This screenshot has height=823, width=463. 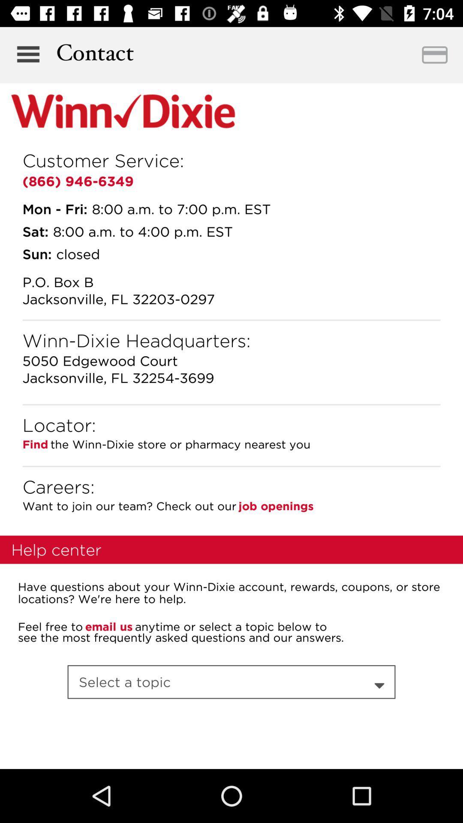 What do you see at coordinates (231, 320) in the screenshot?
I see `the icon below jacksonville fl 32203` at bounding box center [231, 320].